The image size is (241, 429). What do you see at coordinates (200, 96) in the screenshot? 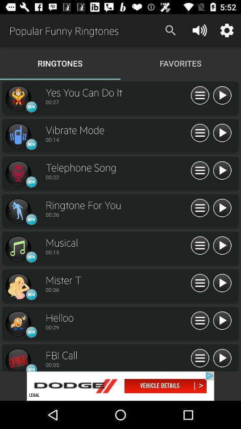
I see `menu icon` at bounding box center [200, 96].